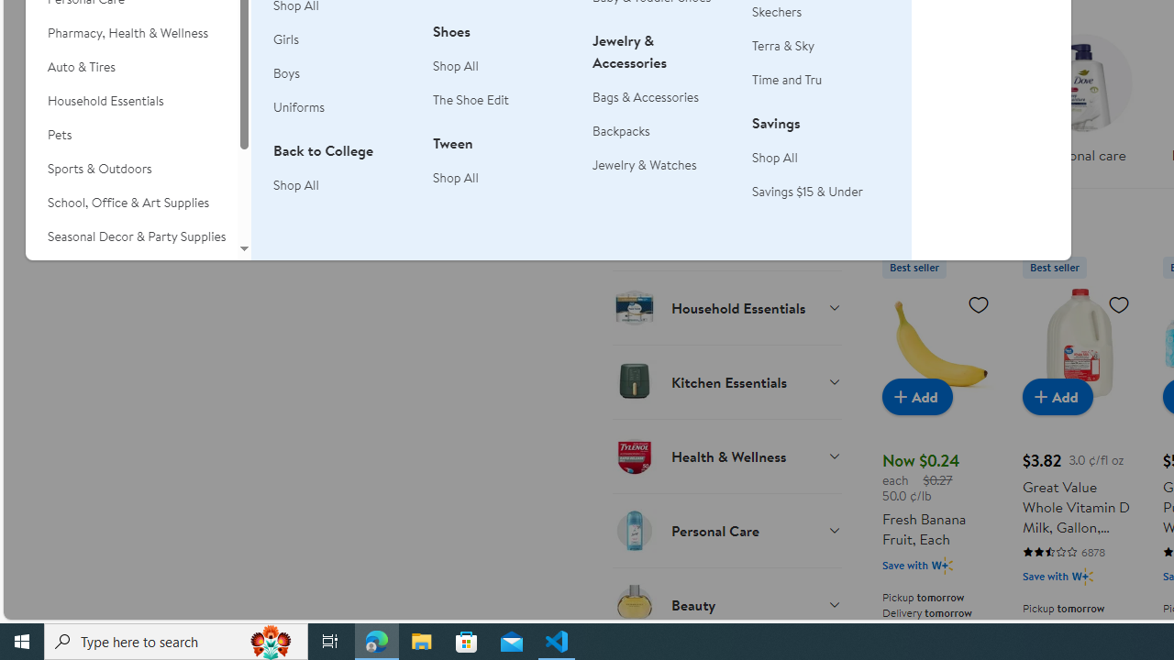 Image resolution: width=1174 pixels, height=660 pixels. What do you see at coordinates (646, 96) in the screenshot?
I see `'Bags & Accessories'` at bounding box center [646, 96].